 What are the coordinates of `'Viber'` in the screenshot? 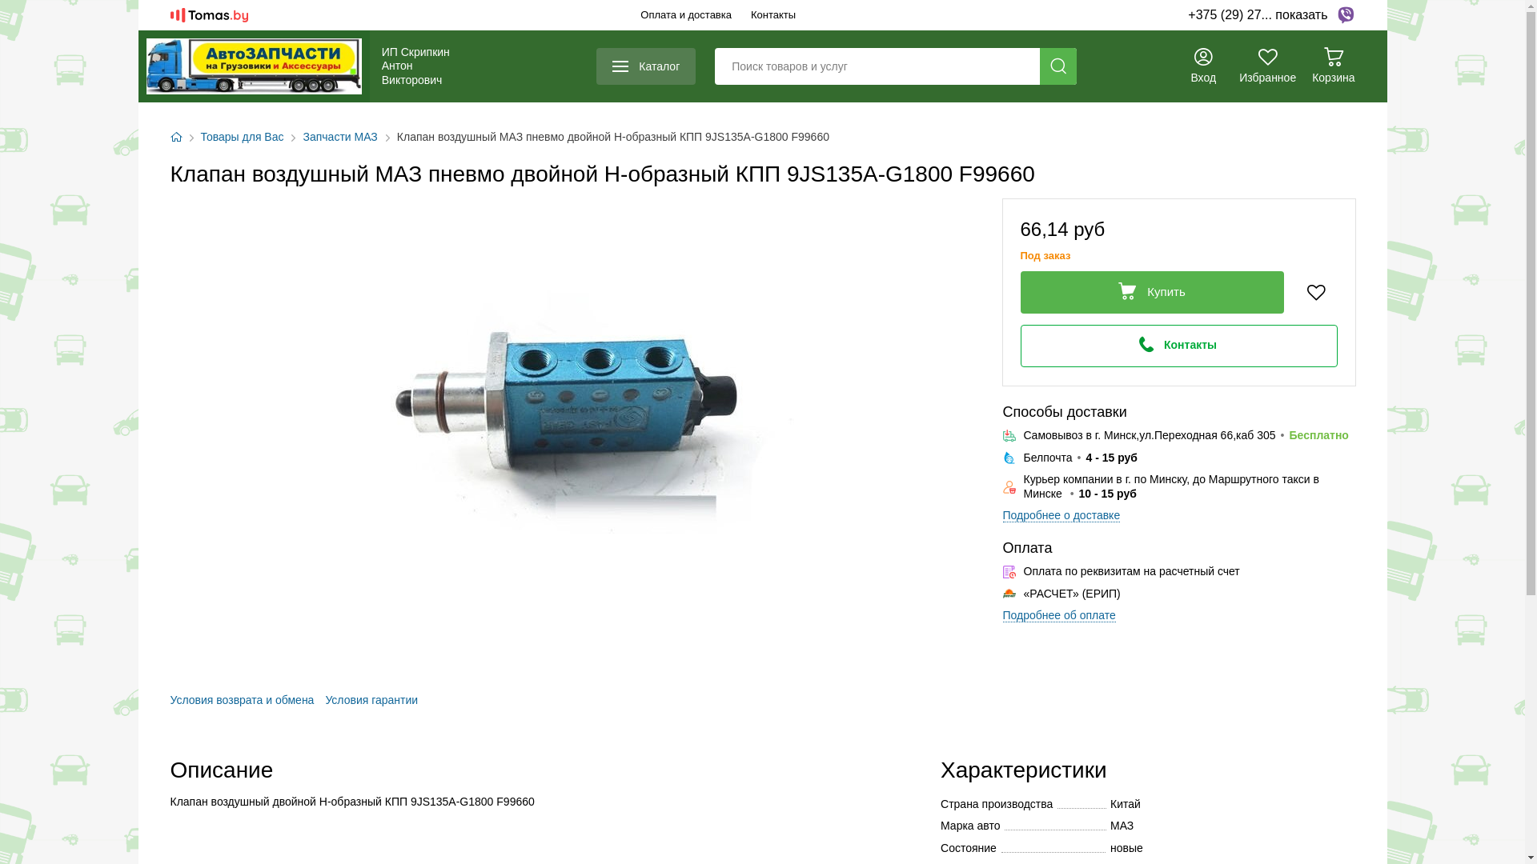 It's located at (1345, 15).